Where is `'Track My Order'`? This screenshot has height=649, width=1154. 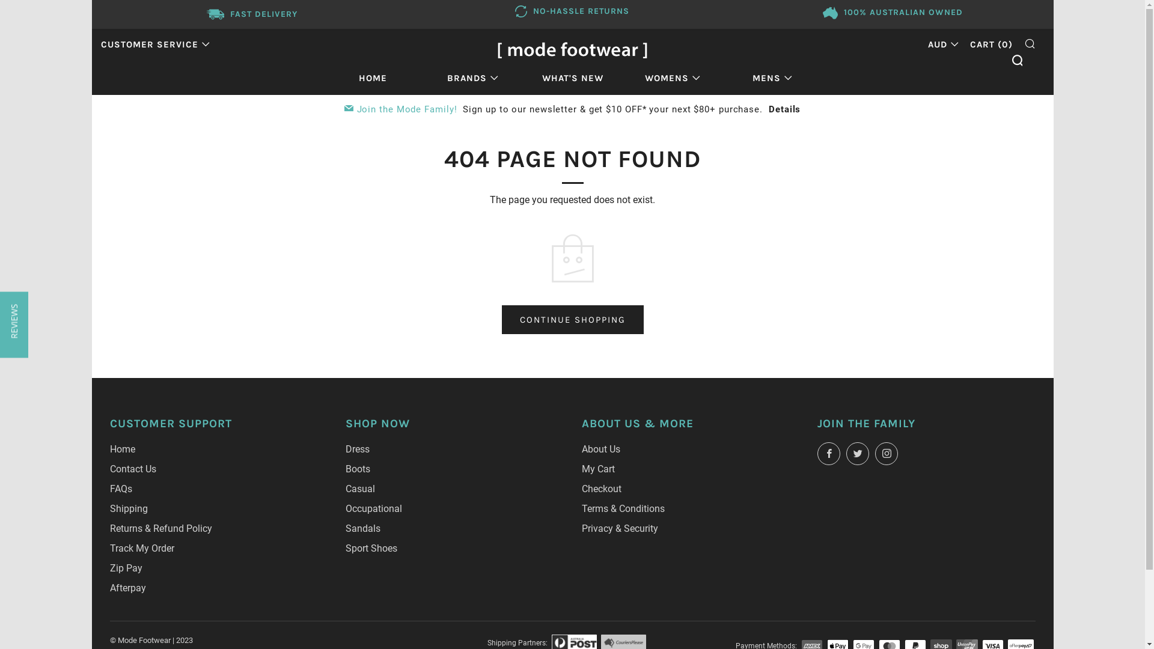 'Track My Order' is located at coordinates (141, 548).